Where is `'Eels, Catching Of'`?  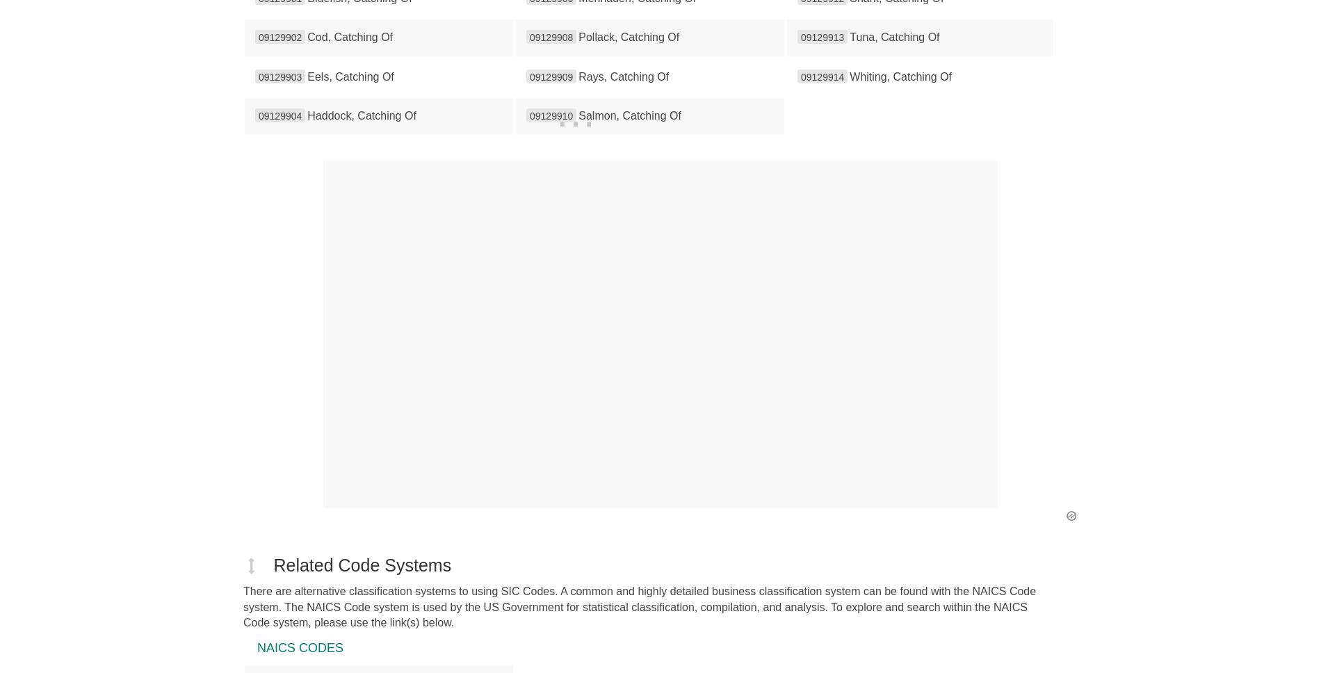
'Eels, Catching Of' is located at coordinates (350, 76).